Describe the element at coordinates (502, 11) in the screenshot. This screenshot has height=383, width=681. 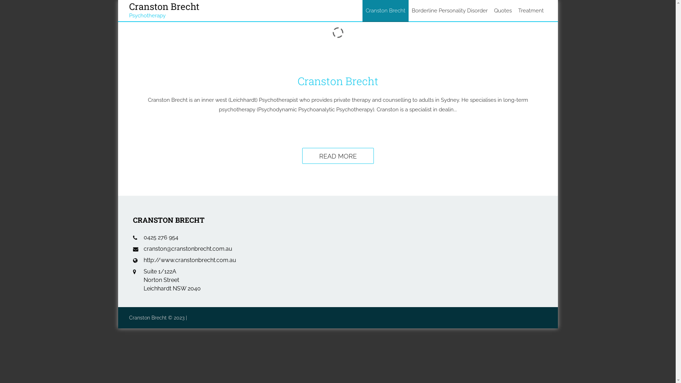
I see `'Quotes'` at that location.